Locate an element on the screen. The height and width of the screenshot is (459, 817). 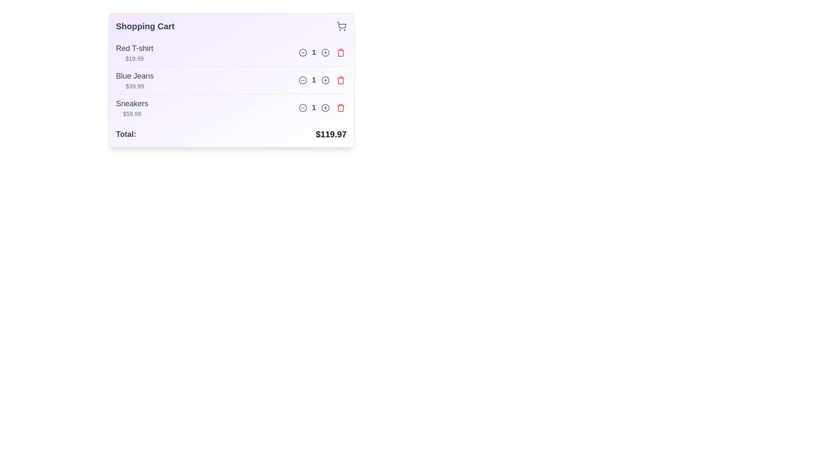
the circular '+' button for adjusting the quantity of the 'Red T-shirt' item in the shopping cart interface is located at coordinates (321, 52).